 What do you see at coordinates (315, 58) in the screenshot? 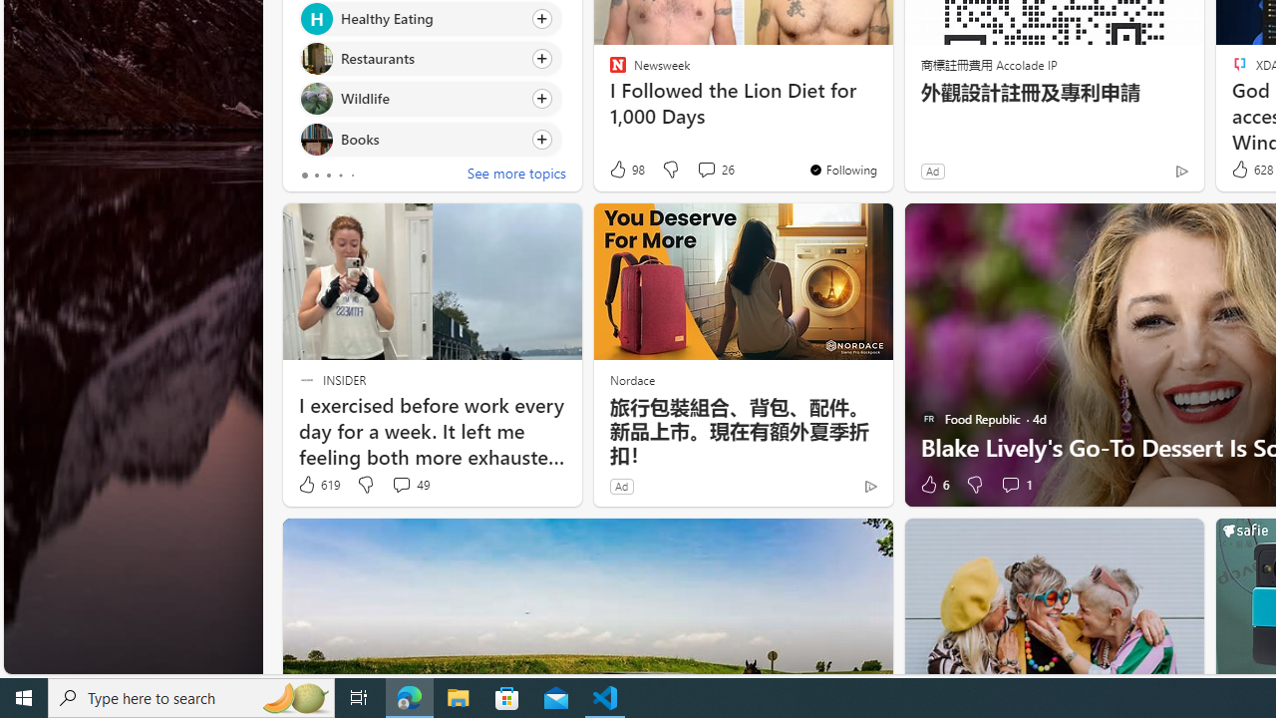
I see `'Restaurants'` at bounding box center [315, 58].